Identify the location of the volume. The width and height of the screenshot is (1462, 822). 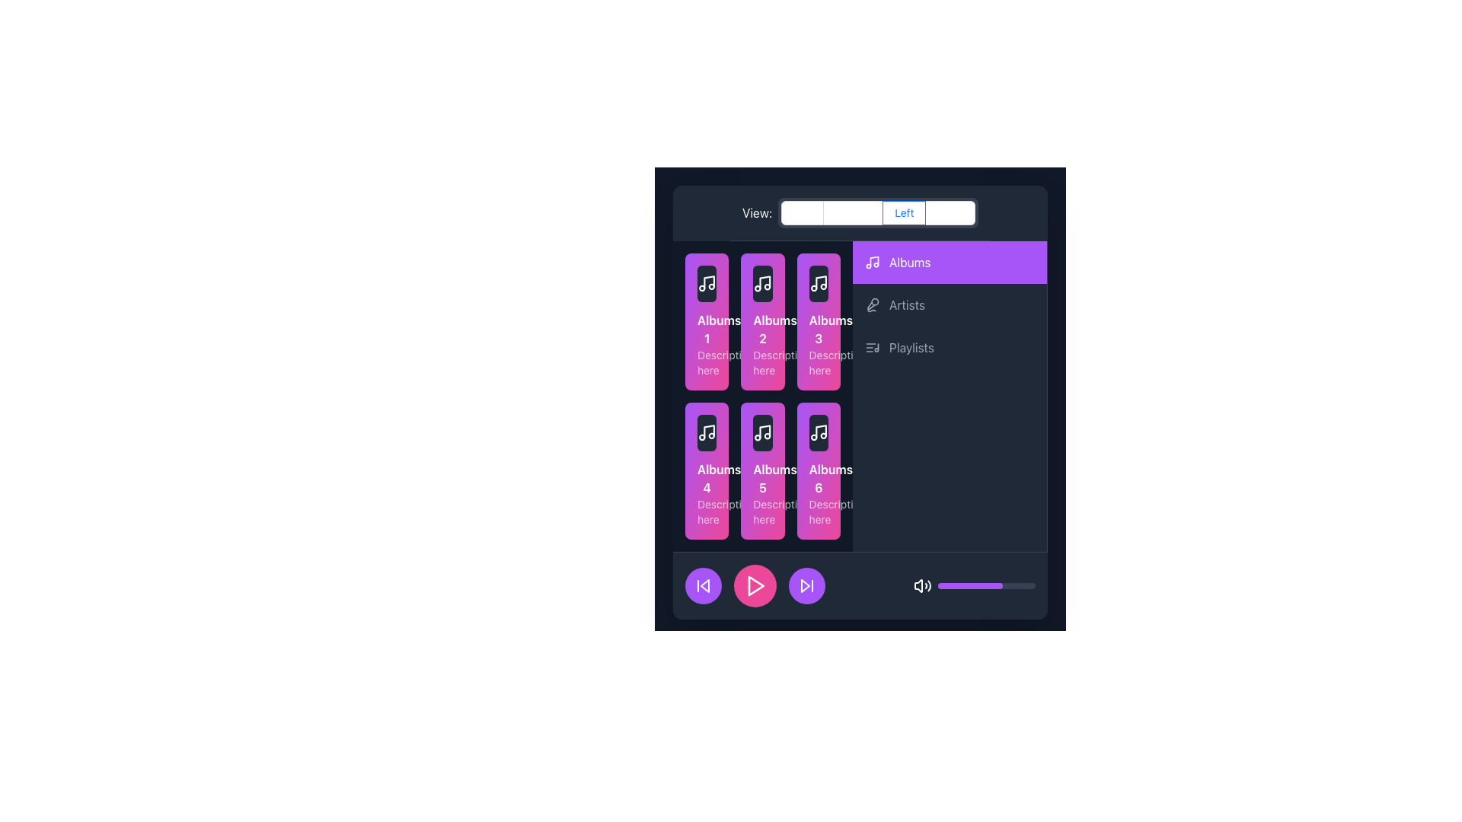
(1000, 585).